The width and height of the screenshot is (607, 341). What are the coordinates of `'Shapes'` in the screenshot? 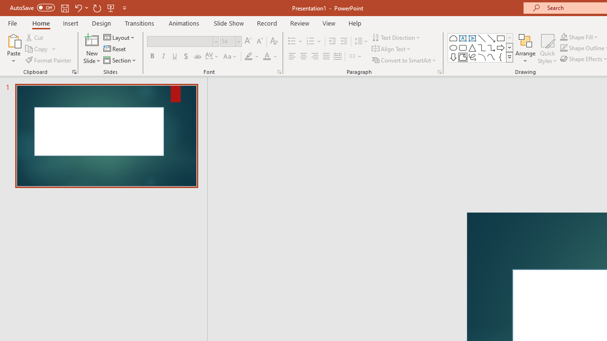 It's located at (509, 57).